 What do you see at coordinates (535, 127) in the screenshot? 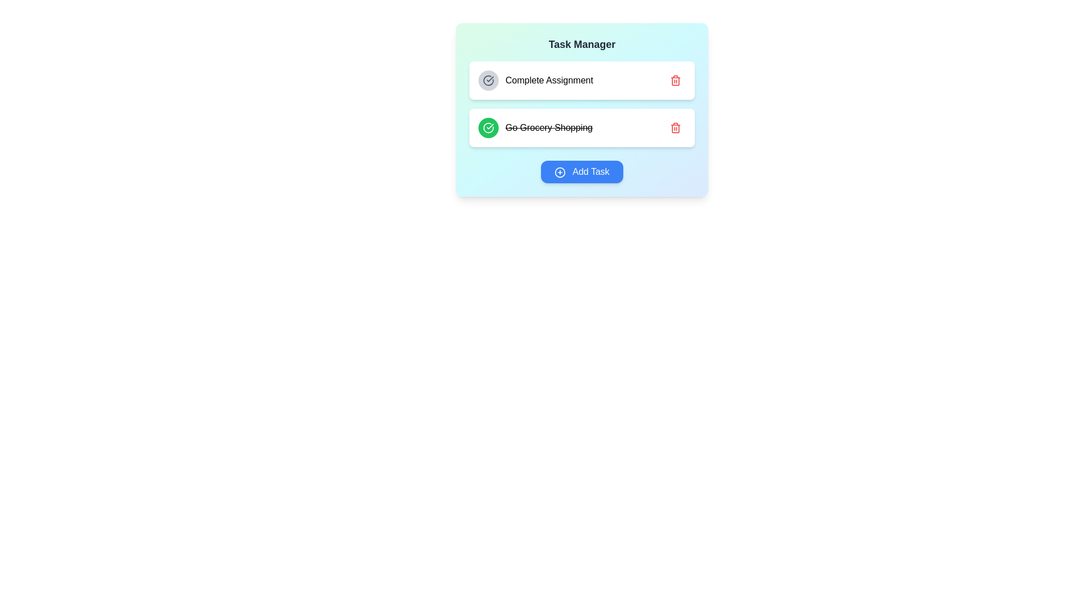
I see `the completed task item with strikethrough style, which is the second item in the vertical list of tasks in the task manager interface` at bounding box center [535, 127].